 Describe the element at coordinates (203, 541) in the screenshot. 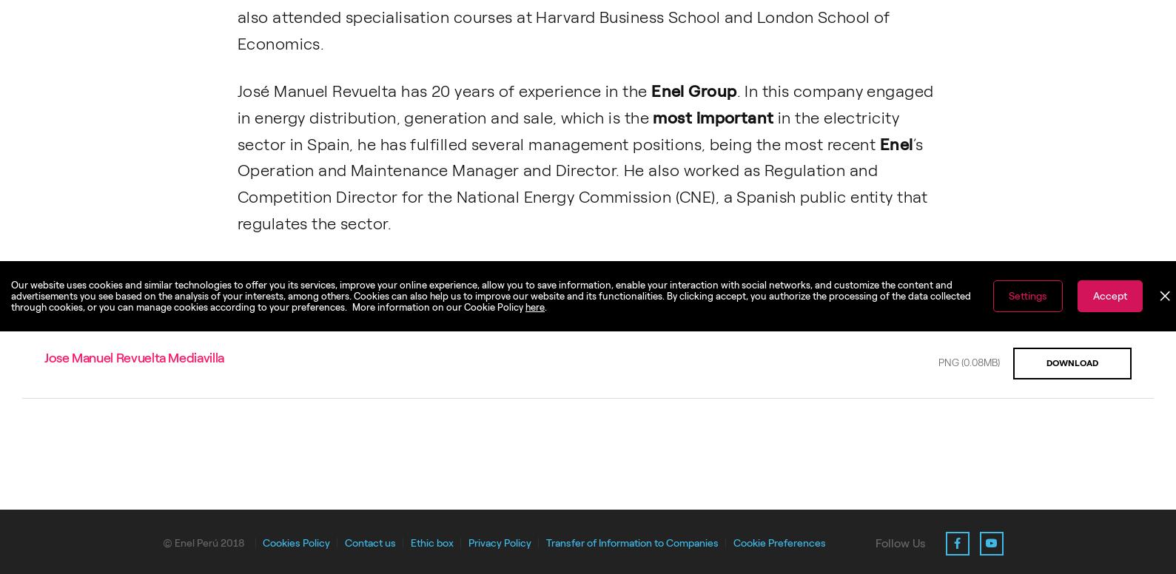

I see `'© Enel Perú 2018'` at that location.